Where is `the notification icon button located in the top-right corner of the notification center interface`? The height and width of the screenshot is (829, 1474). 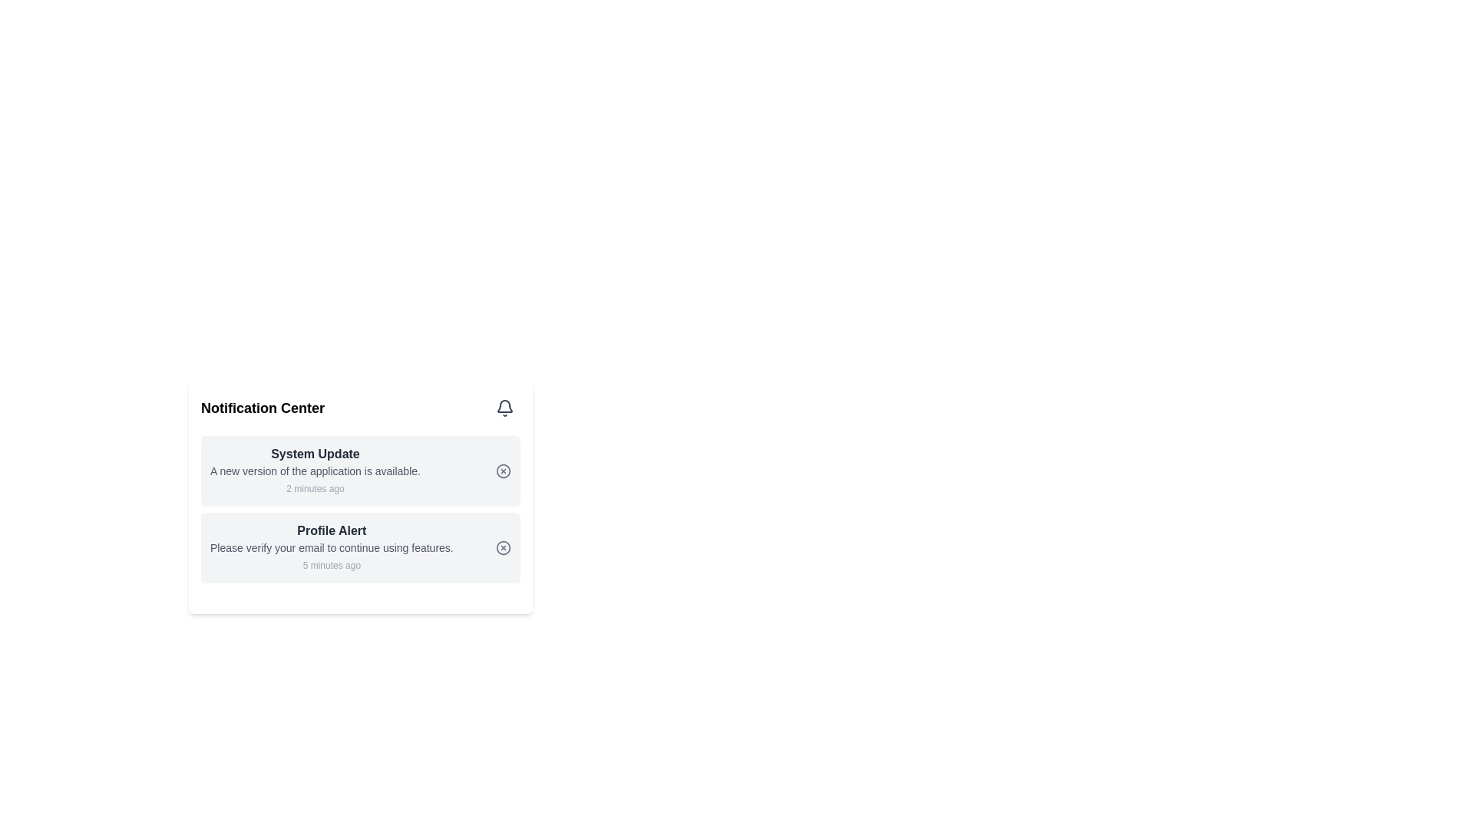
the notification icon button located in the top-right corner of the notification center interface is located at coordinates (504, 408).